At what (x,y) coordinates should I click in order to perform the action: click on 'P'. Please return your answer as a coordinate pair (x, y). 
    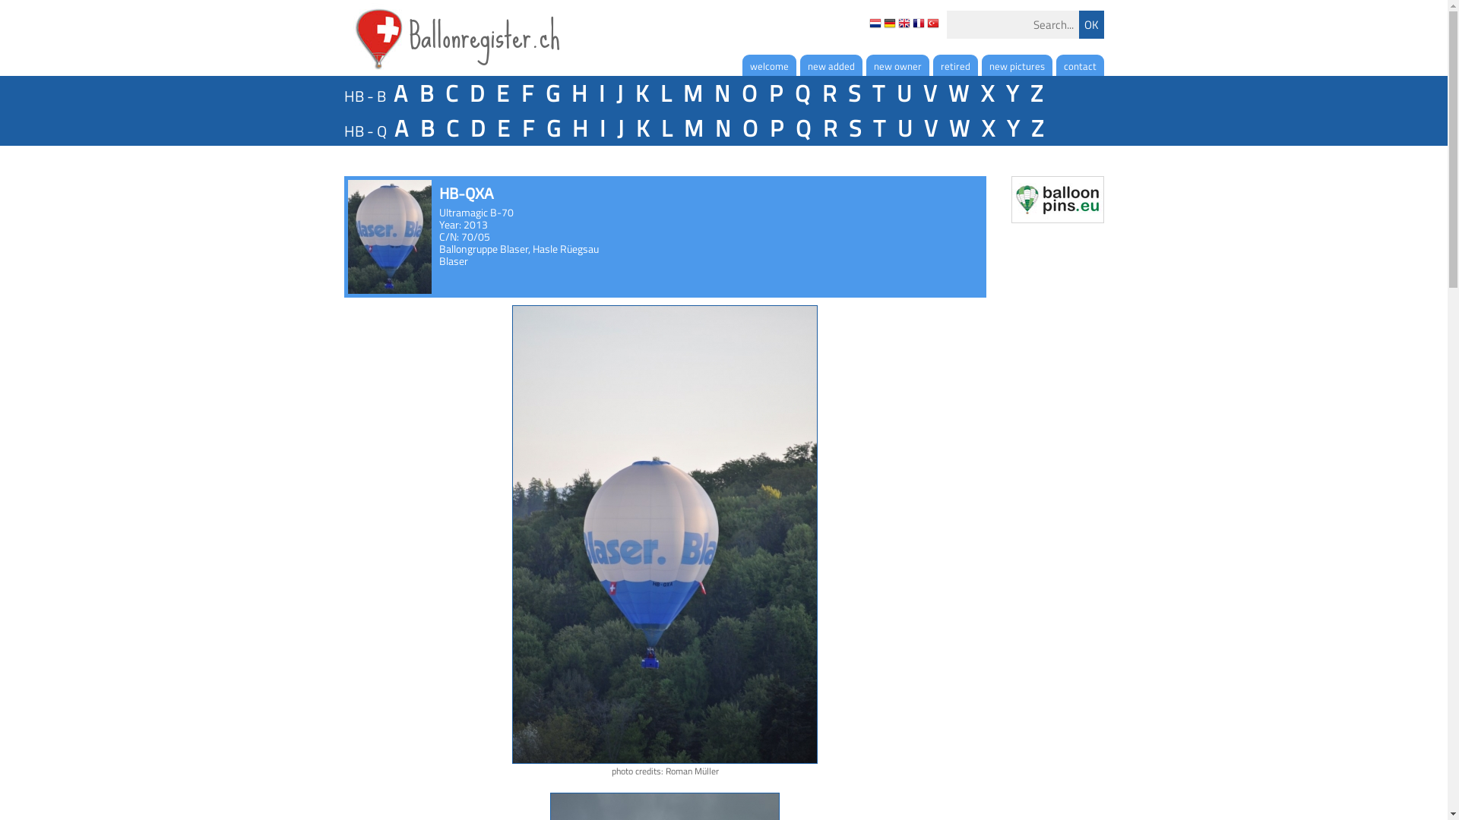
    Looking at the image, I should click on (764, 128).